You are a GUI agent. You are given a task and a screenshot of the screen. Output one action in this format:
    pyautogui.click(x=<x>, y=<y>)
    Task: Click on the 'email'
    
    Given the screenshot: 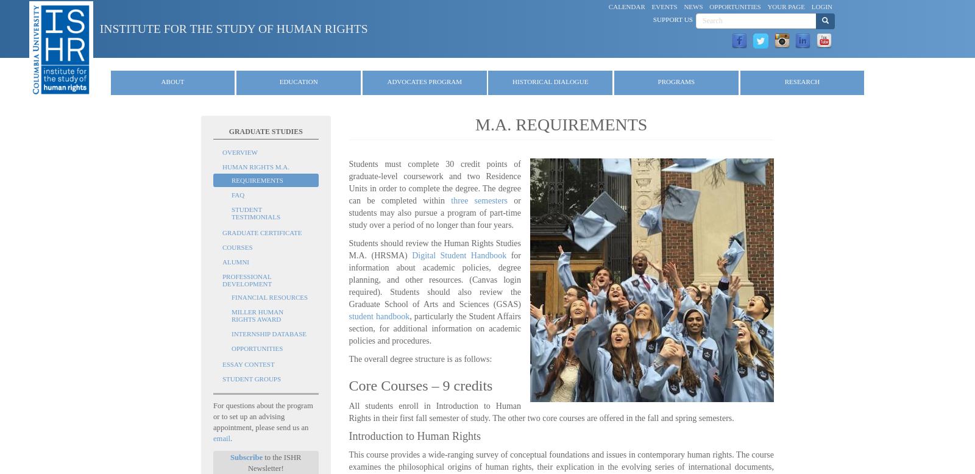 What is the action you would take?
    pyautogui.click(x=221, y=437)
    